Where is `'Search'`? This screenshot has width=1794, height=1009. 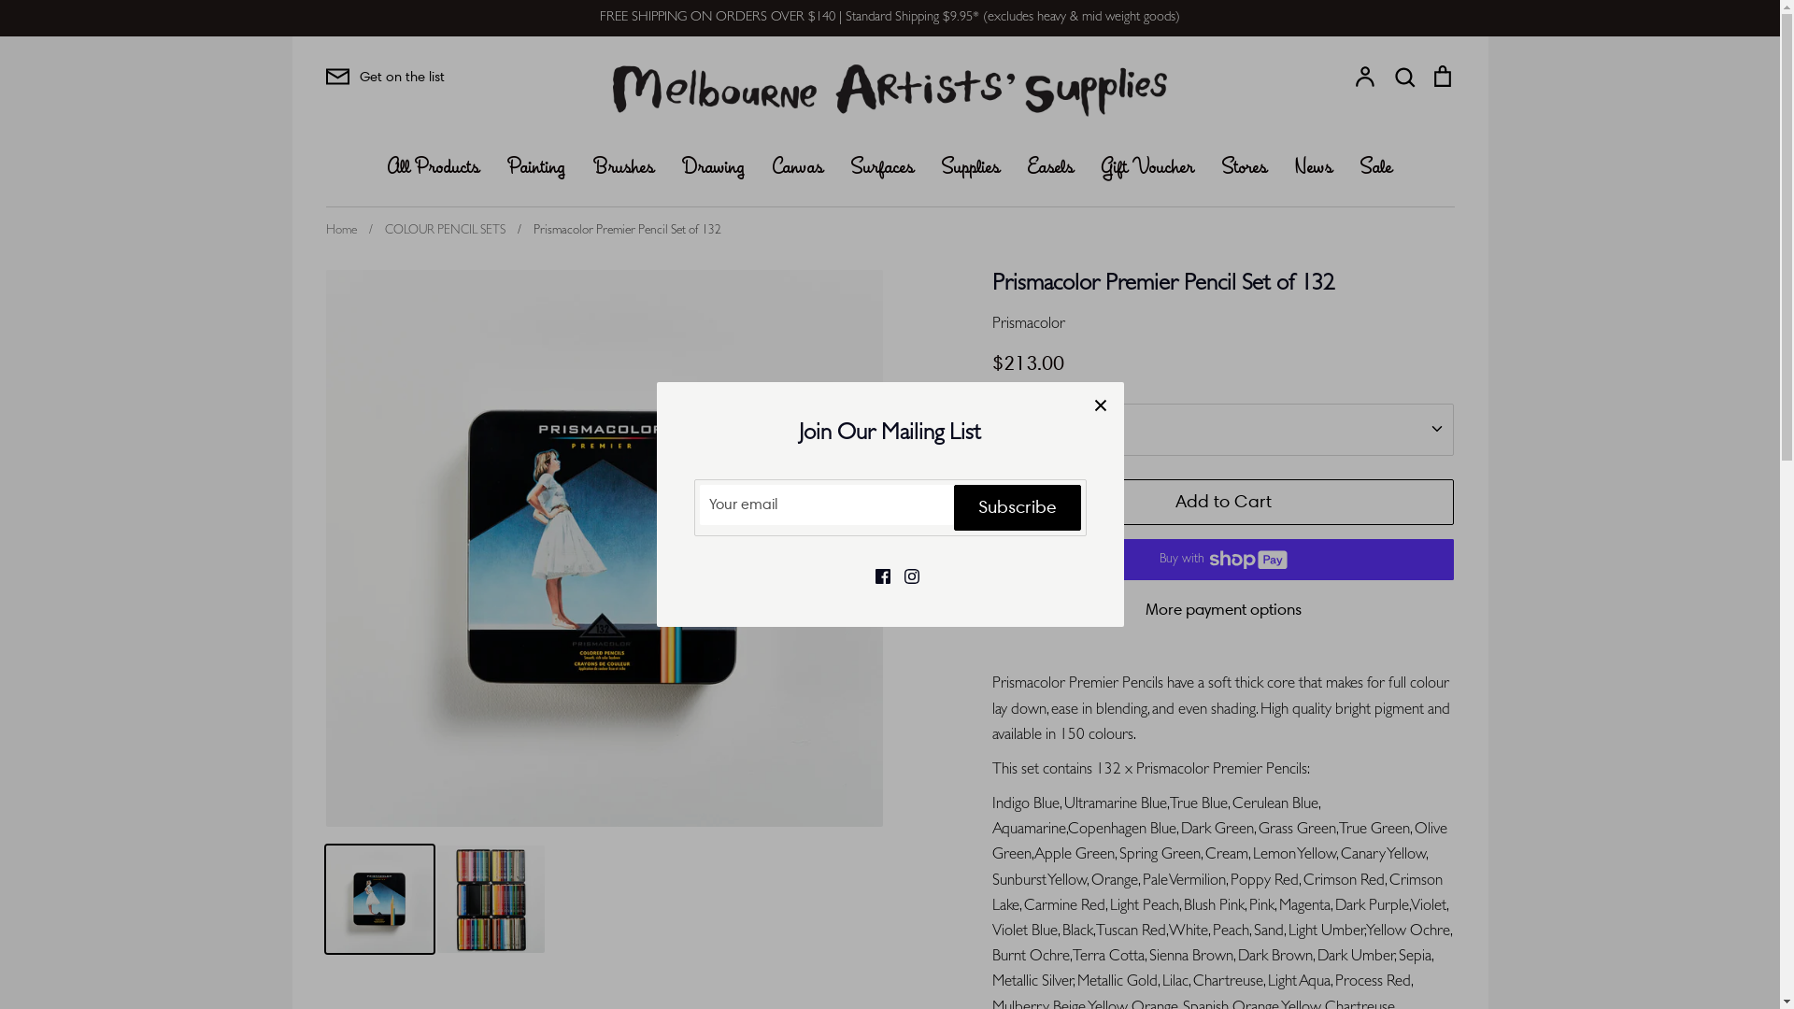 'Search' is located at coordinates (1391, 76).